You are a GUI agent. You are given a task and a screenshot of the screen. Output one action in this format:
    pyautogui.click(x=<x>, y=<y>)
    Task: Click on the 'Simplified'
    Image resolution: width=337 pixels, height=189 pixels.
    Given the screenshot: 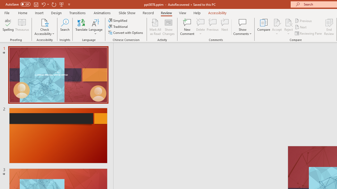 What is the action you would take?
    pyautogui.click(x=118, y=20)
    